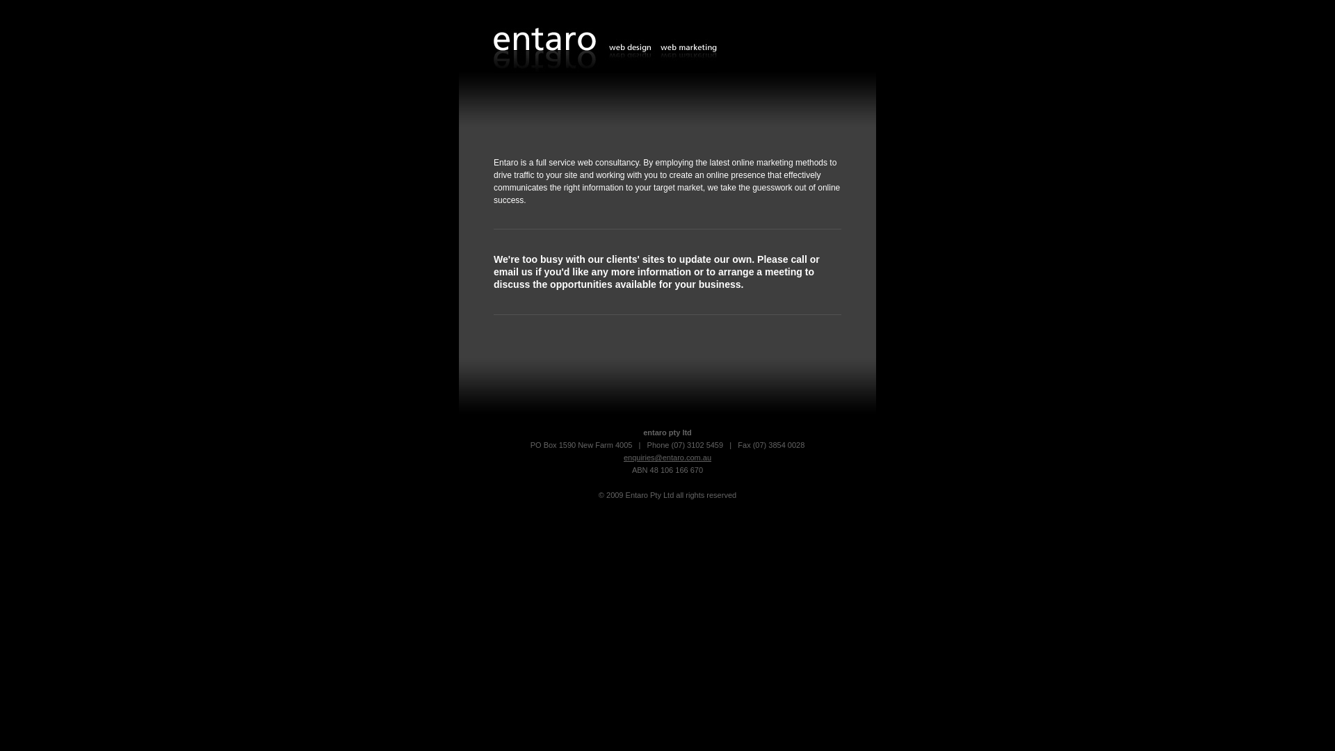  Describe the element at coordinates (667, 458) in the screenshot. I see `'enquiries@entaro.com.au'` at that location.